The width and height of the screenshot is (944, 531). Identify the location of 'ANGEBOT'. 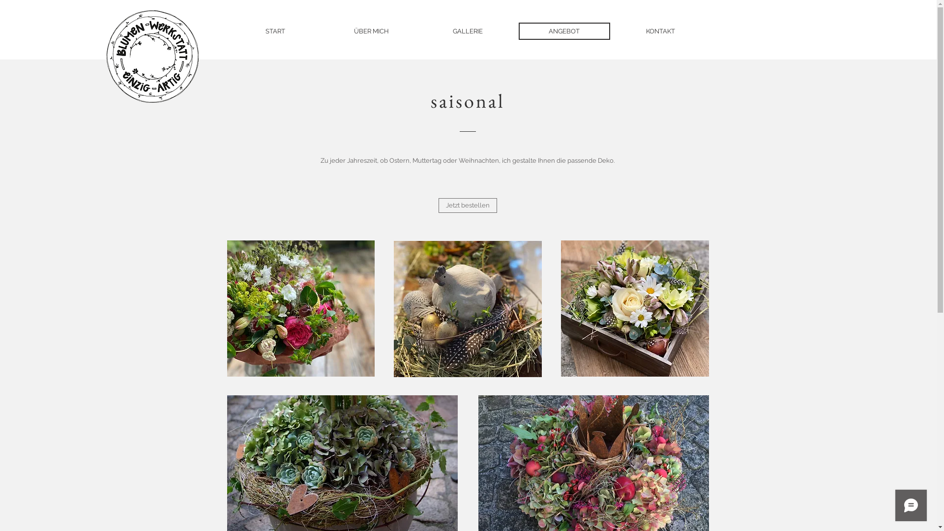
(564, 30).